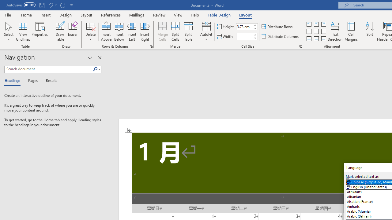 Image resolution: width=392 pixels, height=220 pixels. What do you see at coordinates (188, 31) in the screenshot?
I see `'Split Table'` at bounding box center [188, 31].